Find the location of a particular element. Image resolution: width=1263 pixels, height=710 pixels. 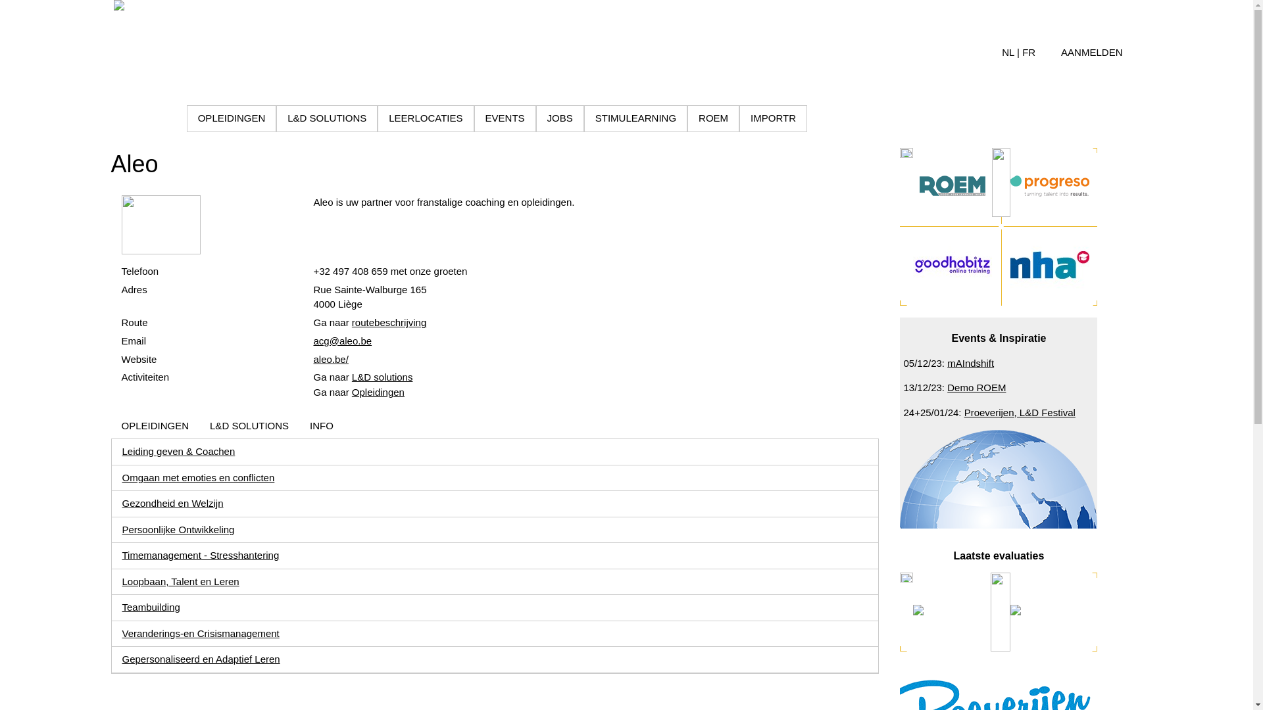

'Veranderings-en Crisismanagement' is located at coordinates (200, 632).